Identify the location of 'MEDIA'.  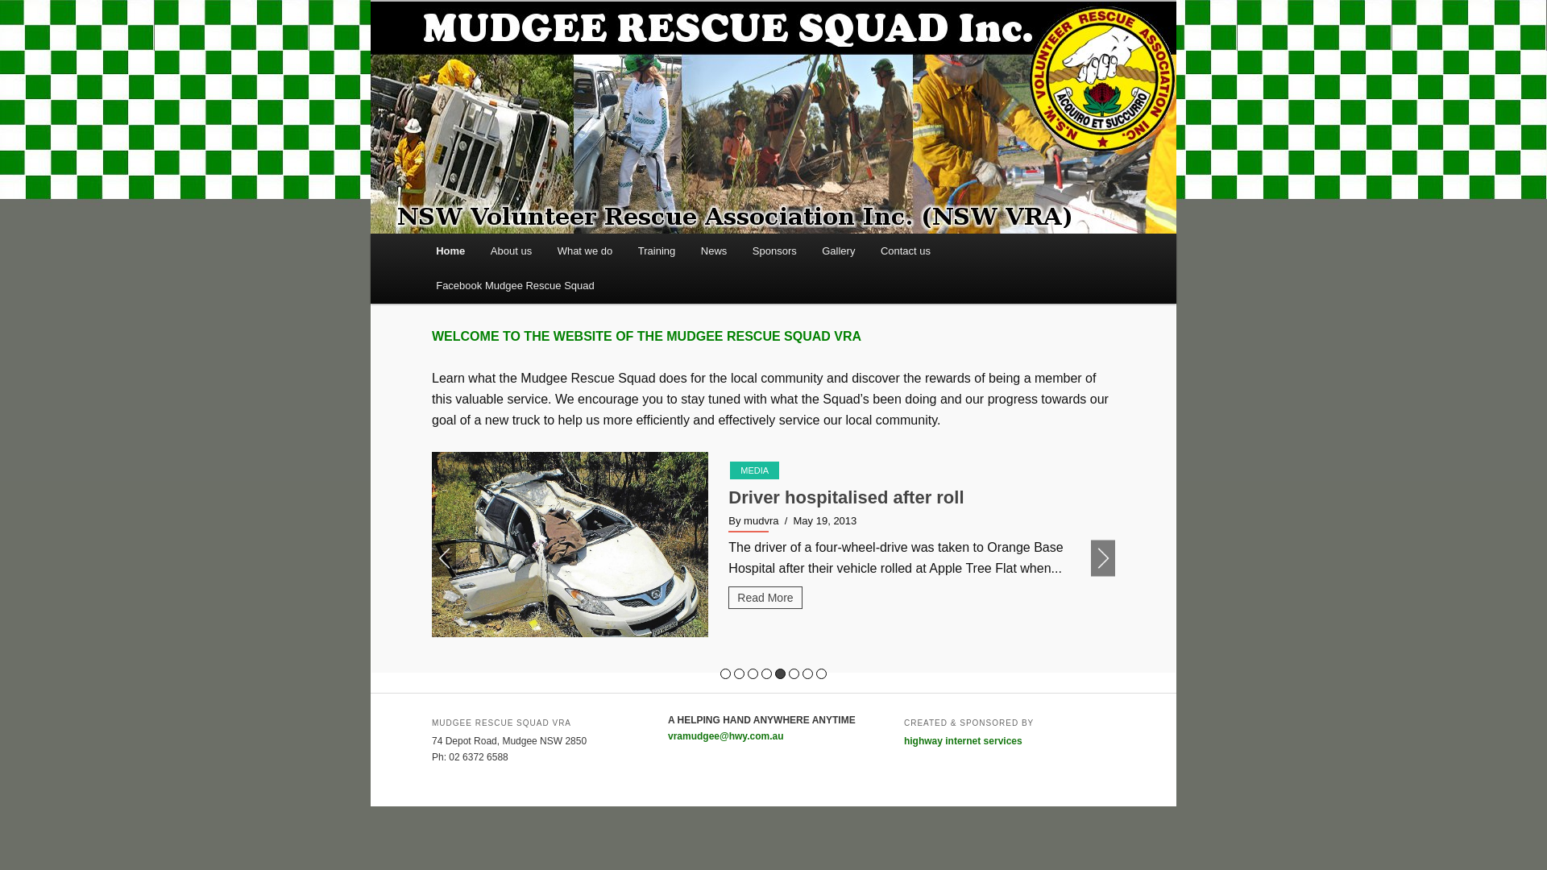
(753, 470).